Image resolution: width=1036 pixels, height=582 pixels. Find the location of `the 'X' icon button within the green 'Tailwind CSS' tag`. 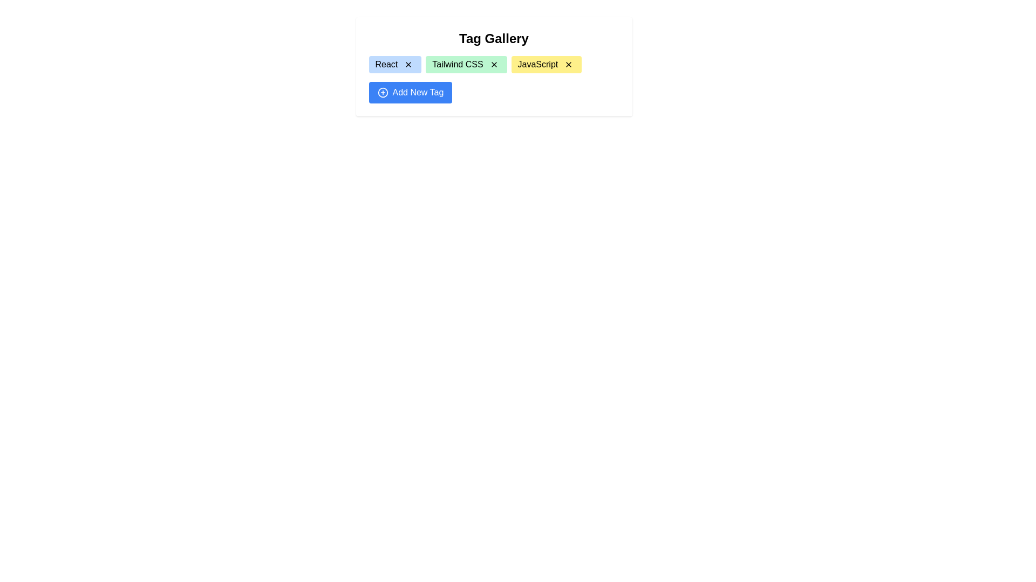

the 'X' icon button within the green 'Tailwind CSS' tag is located at coordinates (493, 64).